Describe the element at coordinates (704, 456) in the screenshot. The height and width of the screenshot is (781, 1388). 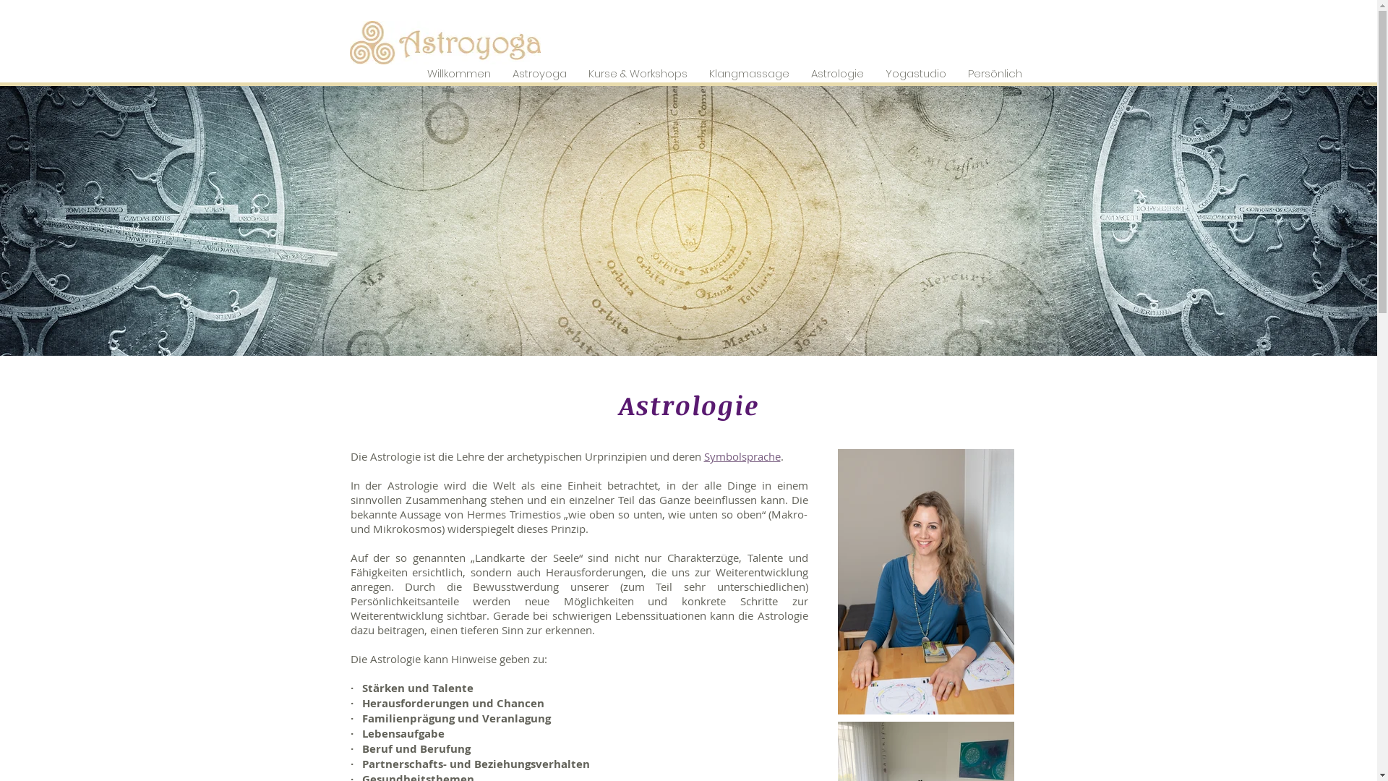
I see `'Symbolsprache'` at that location.